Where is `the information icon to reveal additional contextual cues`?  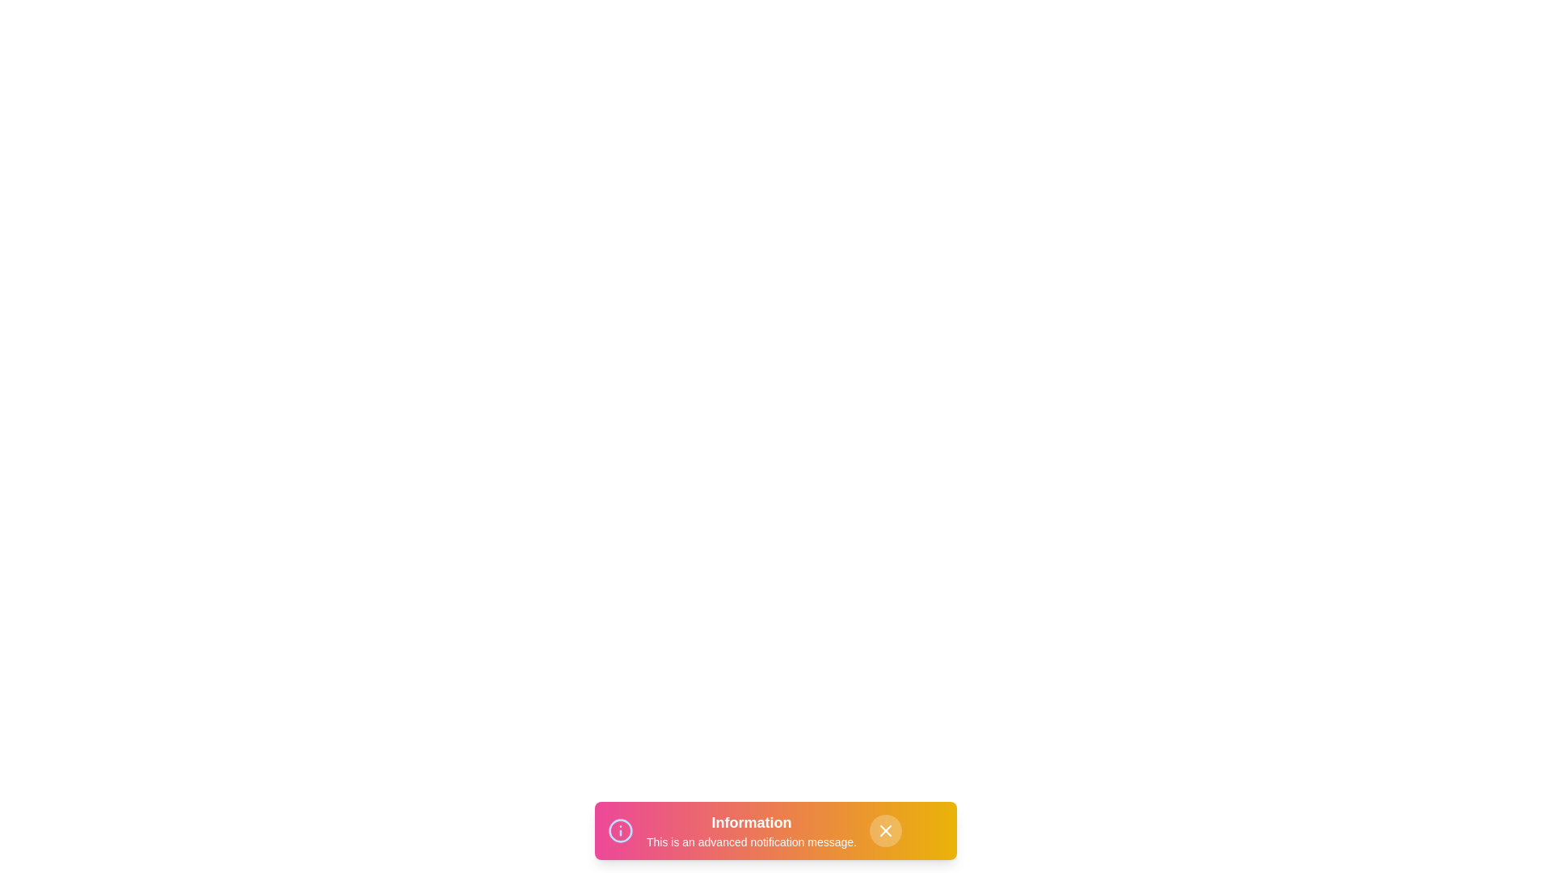 the information icon to reveal additional contextual cues is located at coordinates (620, 831).